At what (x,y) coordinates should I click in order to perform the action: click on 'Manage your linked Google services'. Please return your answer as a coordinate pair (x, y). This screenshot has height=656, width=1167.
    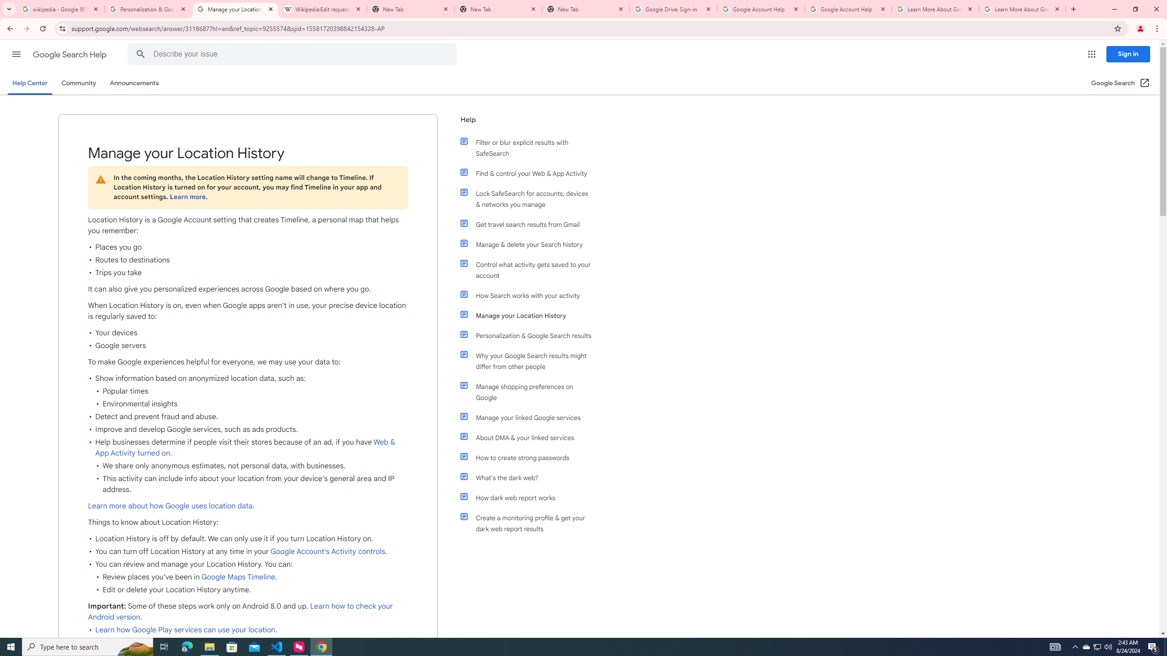
    Looking at the image, I should click on (530, 417).